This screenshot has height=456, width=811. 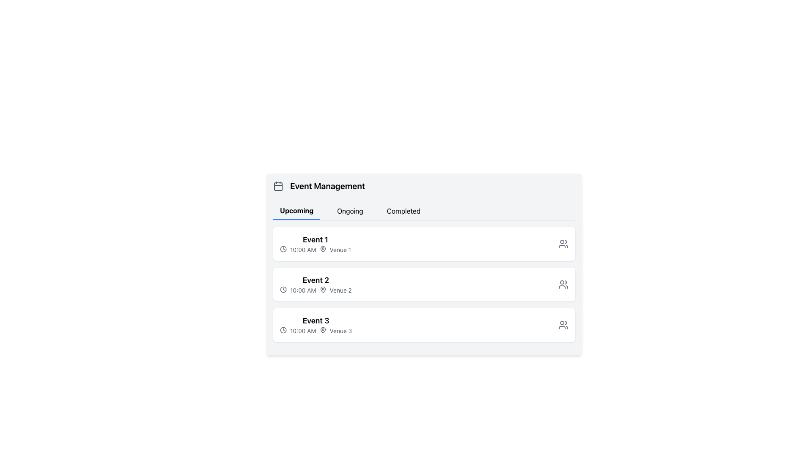 I want to click on the gray icon representing two stylized figures for the third event in the Upcoming tab of the Event Management section, so click(x=563, y=325).